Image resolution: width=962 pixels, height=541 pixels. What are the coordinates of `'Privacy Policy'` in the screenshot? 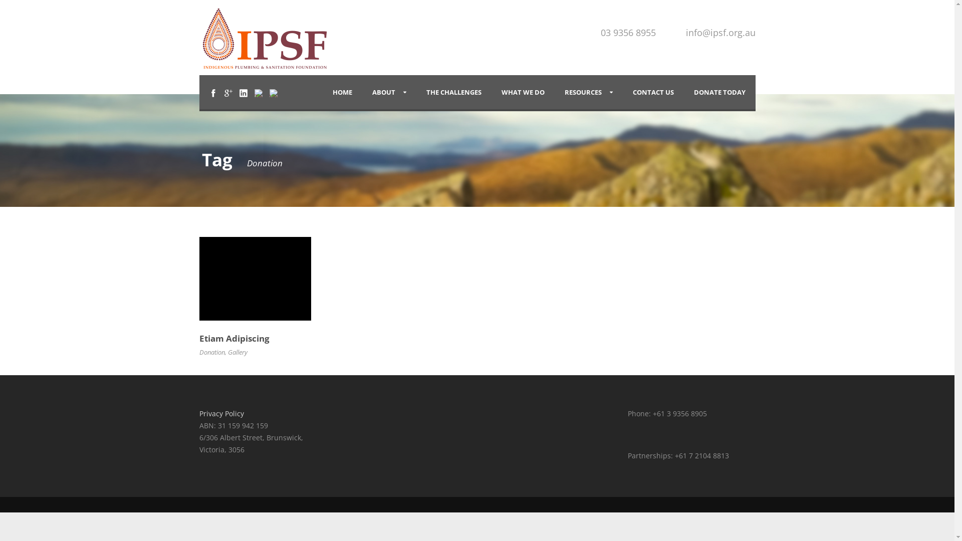 It's located at (221, 413).